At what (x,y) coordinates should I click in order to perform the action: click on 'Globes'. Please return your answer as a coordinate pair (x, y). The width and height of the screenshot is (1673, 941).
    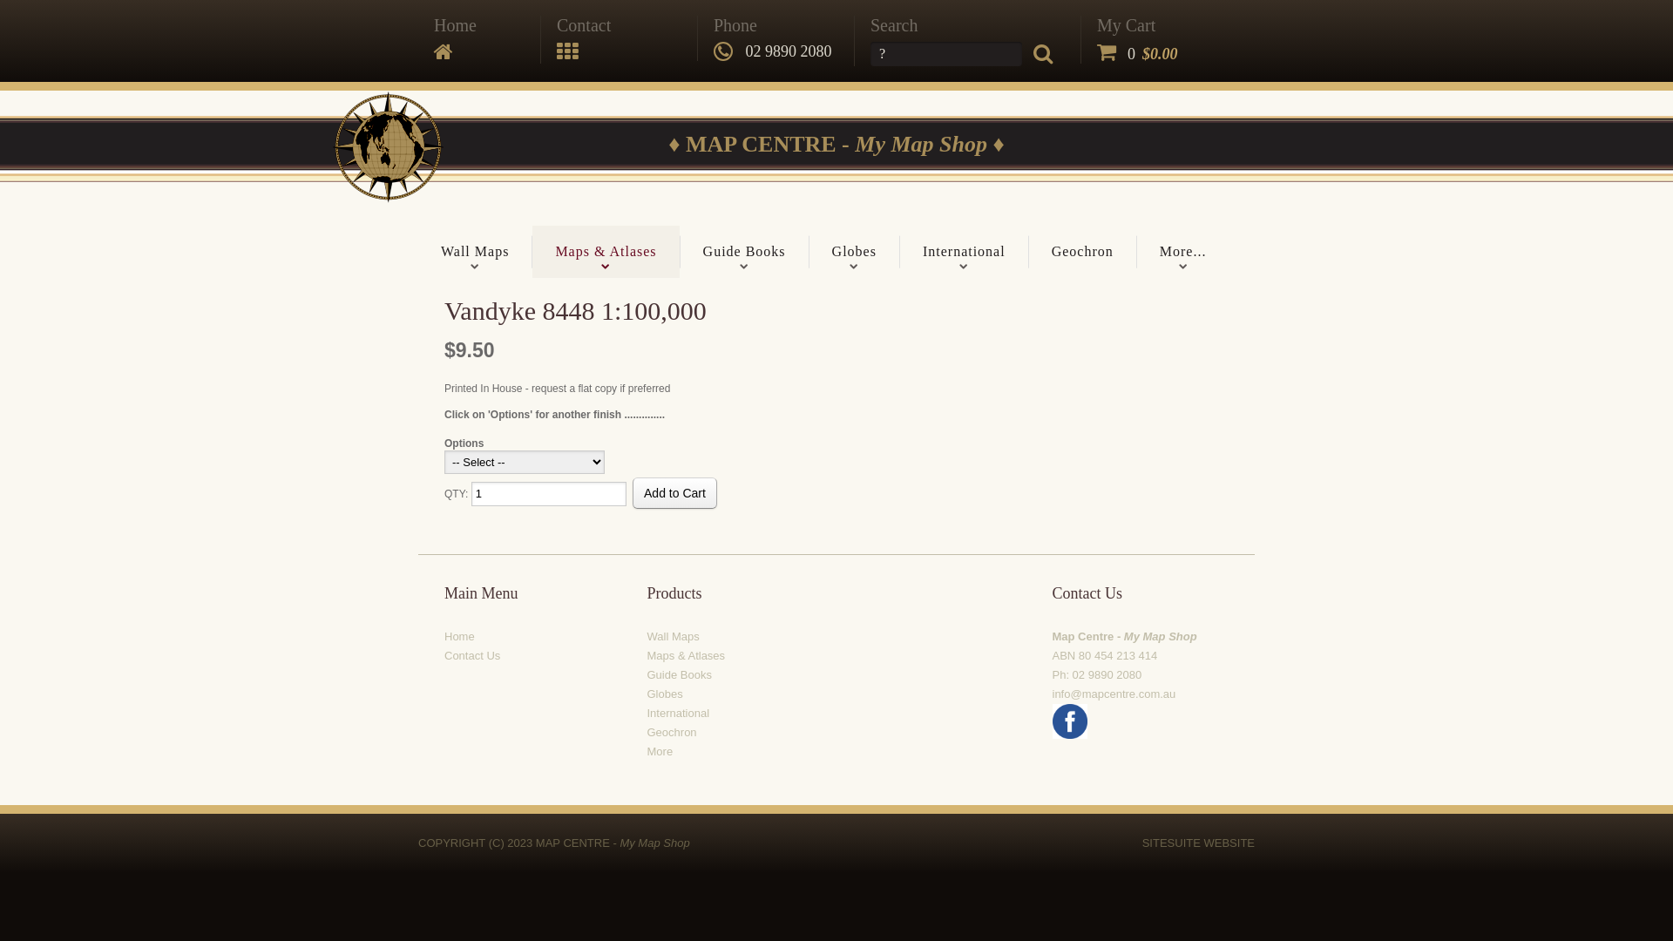
    Looking at the image, I should click on (663, 693).